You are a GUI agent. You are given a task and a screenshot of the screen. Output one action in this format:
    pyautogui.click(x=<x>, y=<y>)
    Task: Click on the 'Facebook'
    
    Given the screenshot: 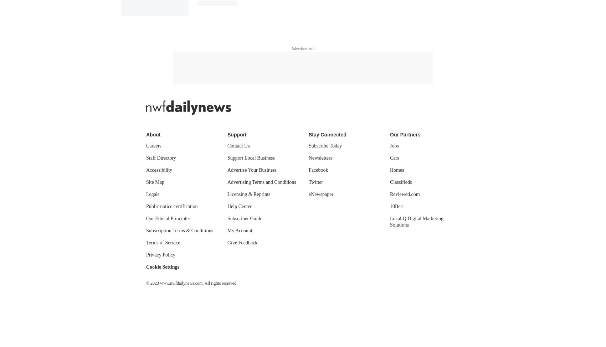 What is the action you would take?
    pyautogui.click(x=308, y=169)
    